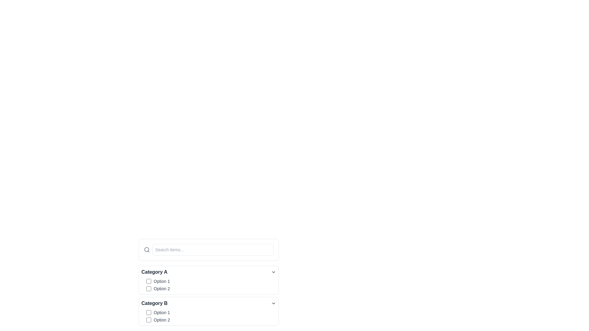  What do you see at coordinates (209, 316) in the screenshot?
I see `the second checkbox labeled 'Option 2' located within the 'Category B' section, positioned below its title` at bounding box center [209, 316].